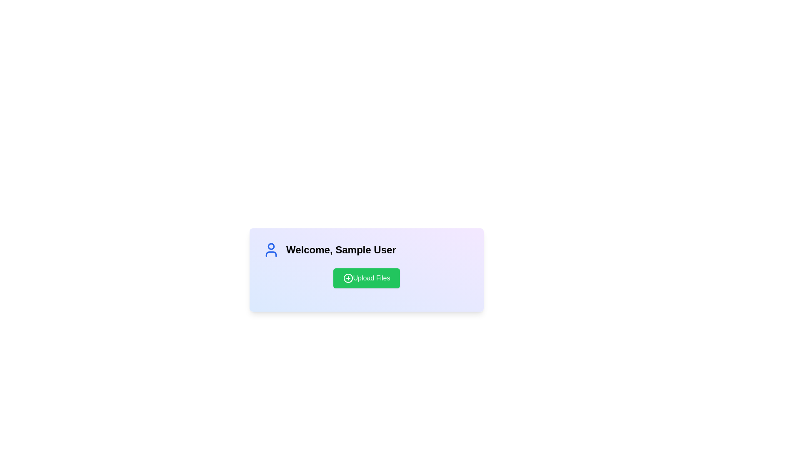 The width and height of the screenshot is (800, 450). What do you see at coordinates (366, 278) in the screenshot?
I see `the button located beneath the heading 'Welcome, Sample User.' to initiate the file upload process` at bounding box center [366, 278].